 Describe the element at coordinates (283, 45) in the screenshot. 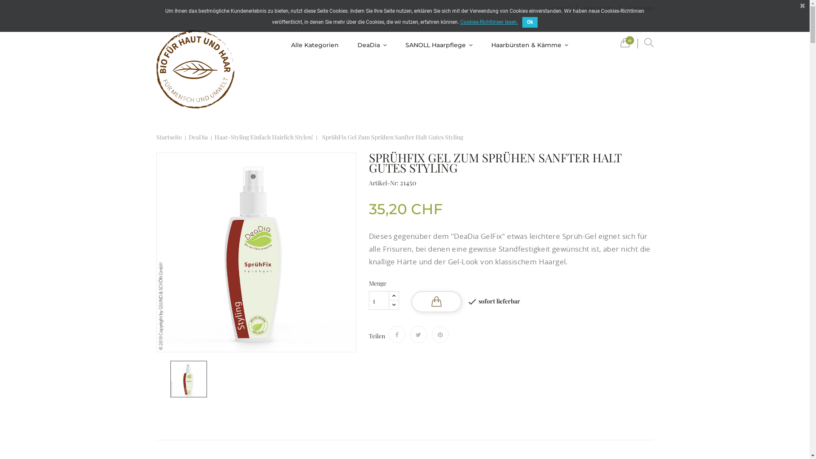

I see `'Alle Kategorien'` at that location.